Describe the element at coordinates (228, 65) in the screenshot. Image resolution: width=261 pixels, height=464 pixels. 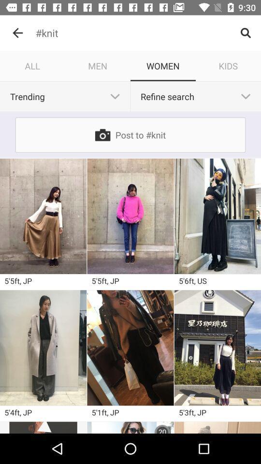
I see `kids` at that location.